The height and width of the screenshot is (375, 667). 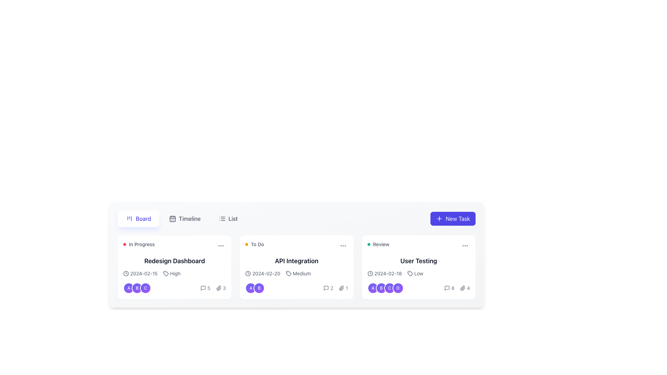 What do you see at coordinates (205, 288) in the screenshot?
I see `the numeral '5' next to the speech bubble icon in the 'Redesign Dashboard' task card` at bounding box center [205, 288].